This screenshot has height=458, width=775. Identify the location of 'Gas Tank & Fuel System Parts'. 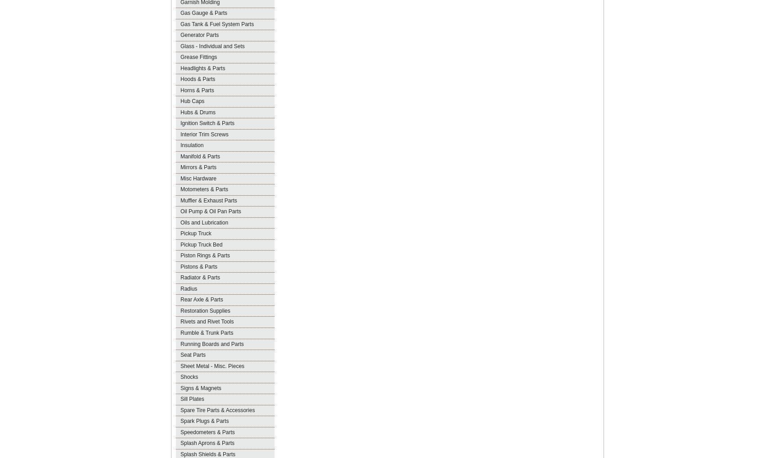
(216, 24).